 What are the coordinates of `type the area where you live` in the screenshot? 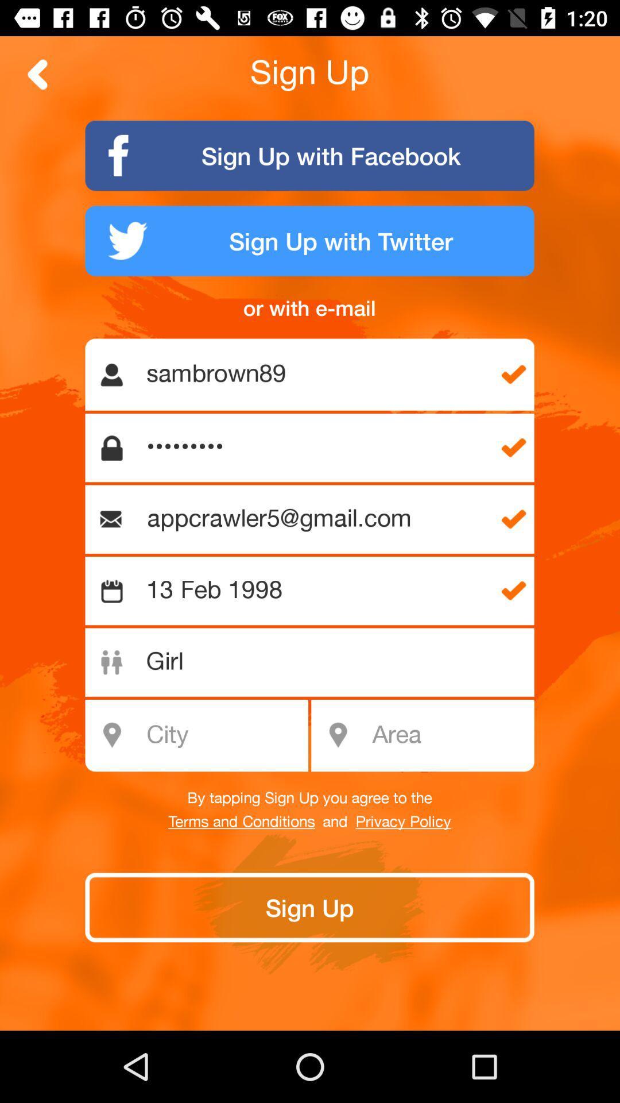 It's located at (449, 735).